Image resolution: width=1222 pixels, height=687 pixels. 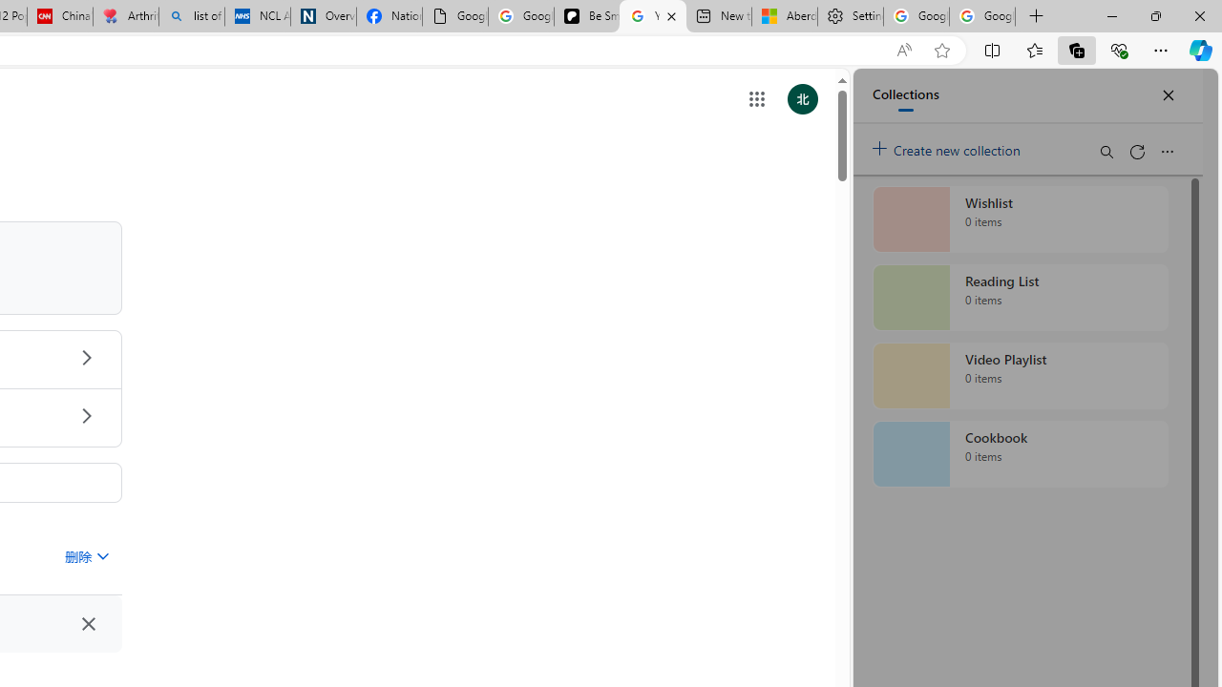 I want to click on 'Google Analytics Opt-out Browser Add-on Download Page', so click(x=453, y=16).